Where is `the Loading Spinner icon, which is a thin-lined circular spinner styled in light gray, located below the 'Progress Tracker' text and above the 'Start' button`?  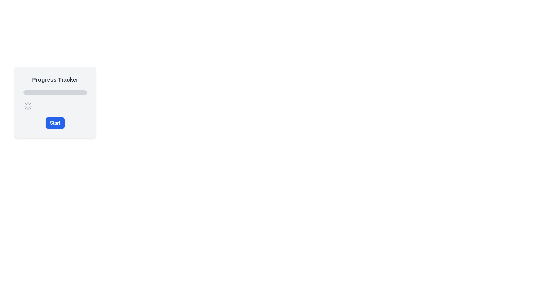 the Loading Spinner icon, which is a thin-lined circular spinner styled in light gray, located below the 'Progress Tracker' text and above the 'Start' button is located at coordinates (28, 106).